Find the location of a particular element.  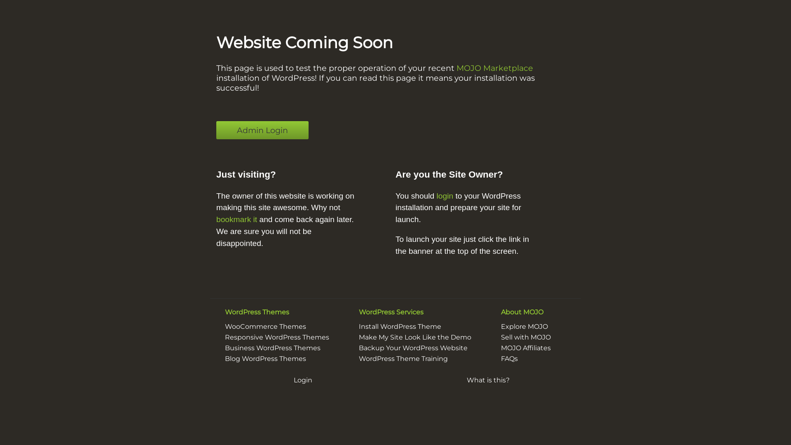

'MOJO Affiliates' is located at coordinates (525, 348).